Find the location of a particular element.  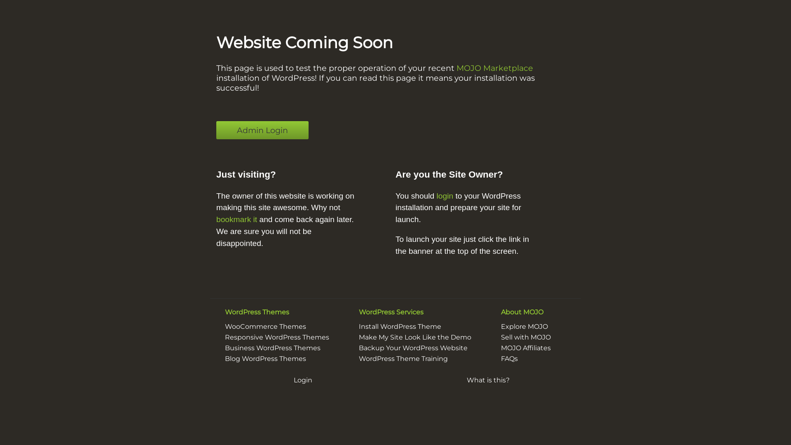

'MOJO Affiliates' is located at coordinates (525, 348).